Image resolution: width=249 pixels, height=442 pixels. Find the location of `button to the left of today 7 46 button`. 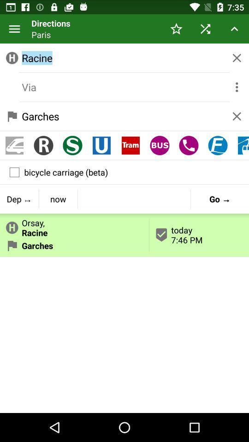

button to the left of today 7 46 button is located at coordinates (74, 225).